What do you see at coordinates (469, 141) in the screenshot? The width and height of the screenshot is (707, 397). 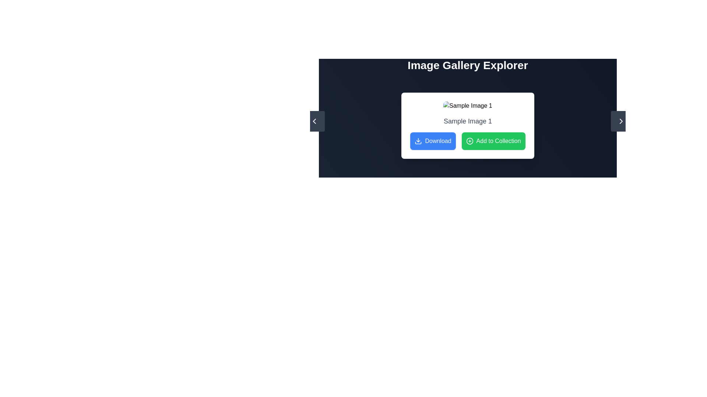 I see `the circular decorative SVG element within the 'Add to Collection' button group located at the bottom-center of the interface` at bounding box center [469, 141].